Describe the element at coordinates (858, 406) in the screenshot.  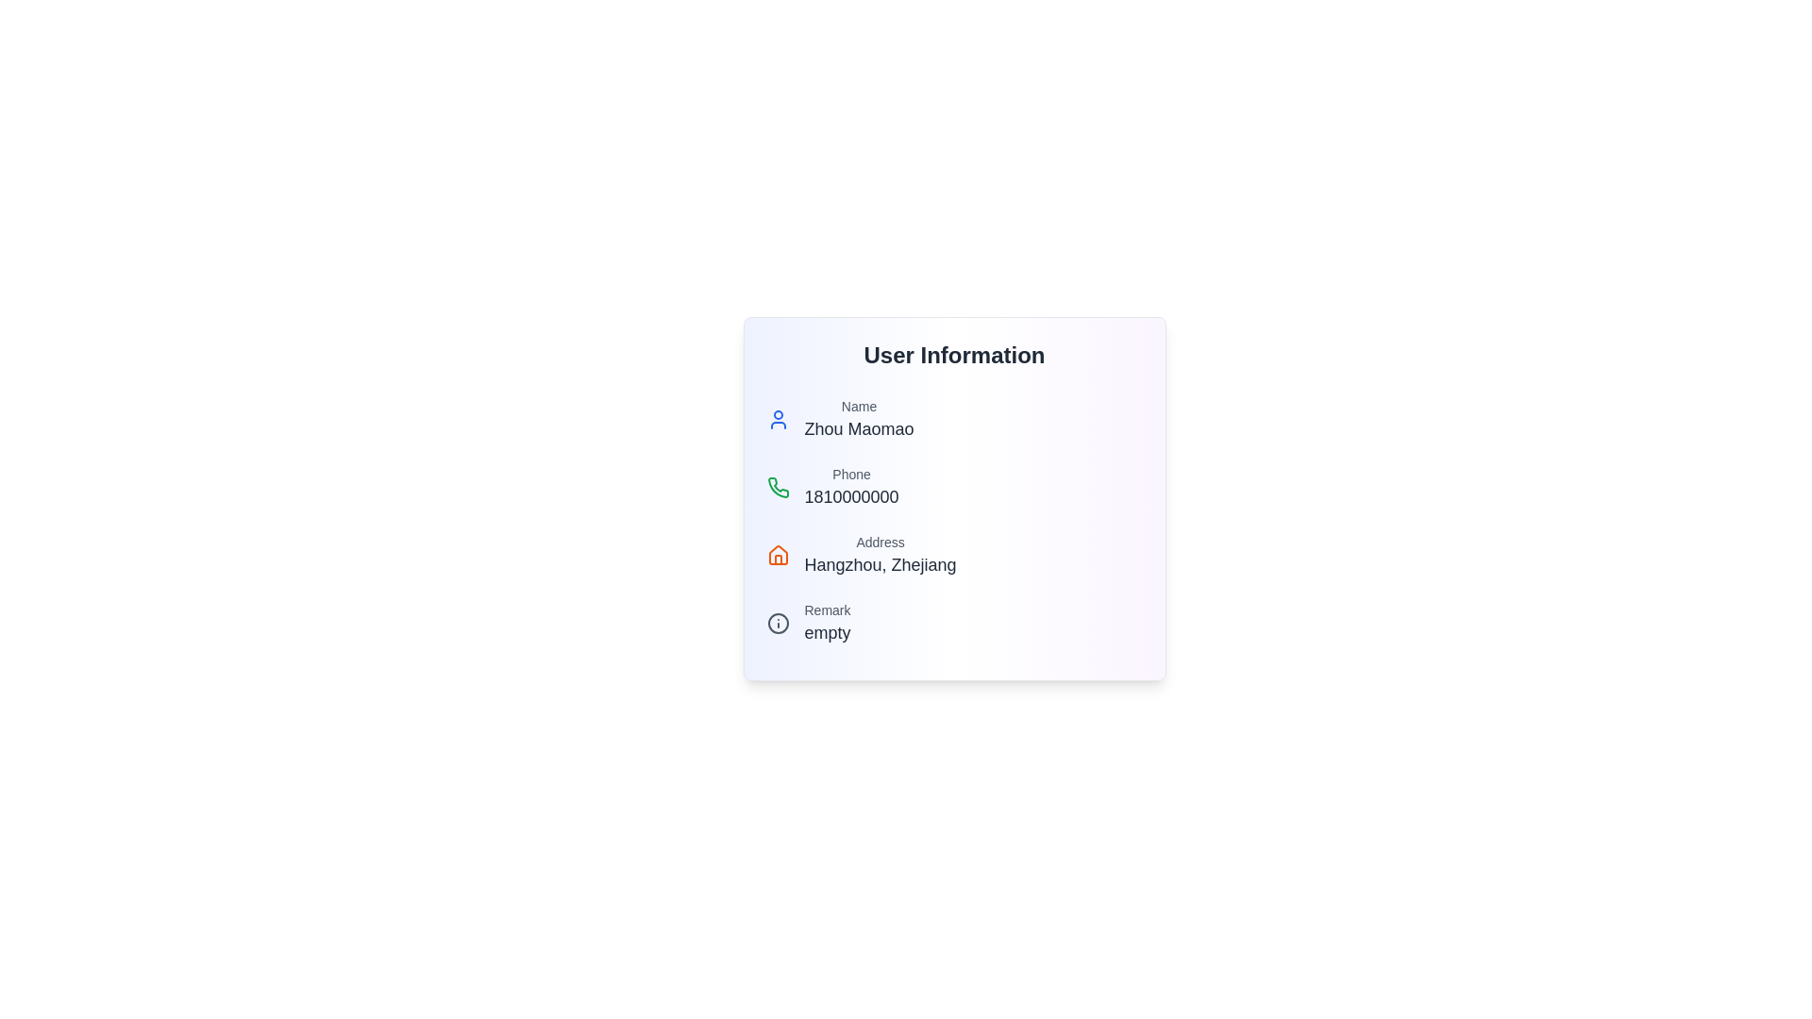
I see `the text label displaying 'Name' in medium gray color, which is positioned above 'Zhou Maomao' in the user details section` at that location.